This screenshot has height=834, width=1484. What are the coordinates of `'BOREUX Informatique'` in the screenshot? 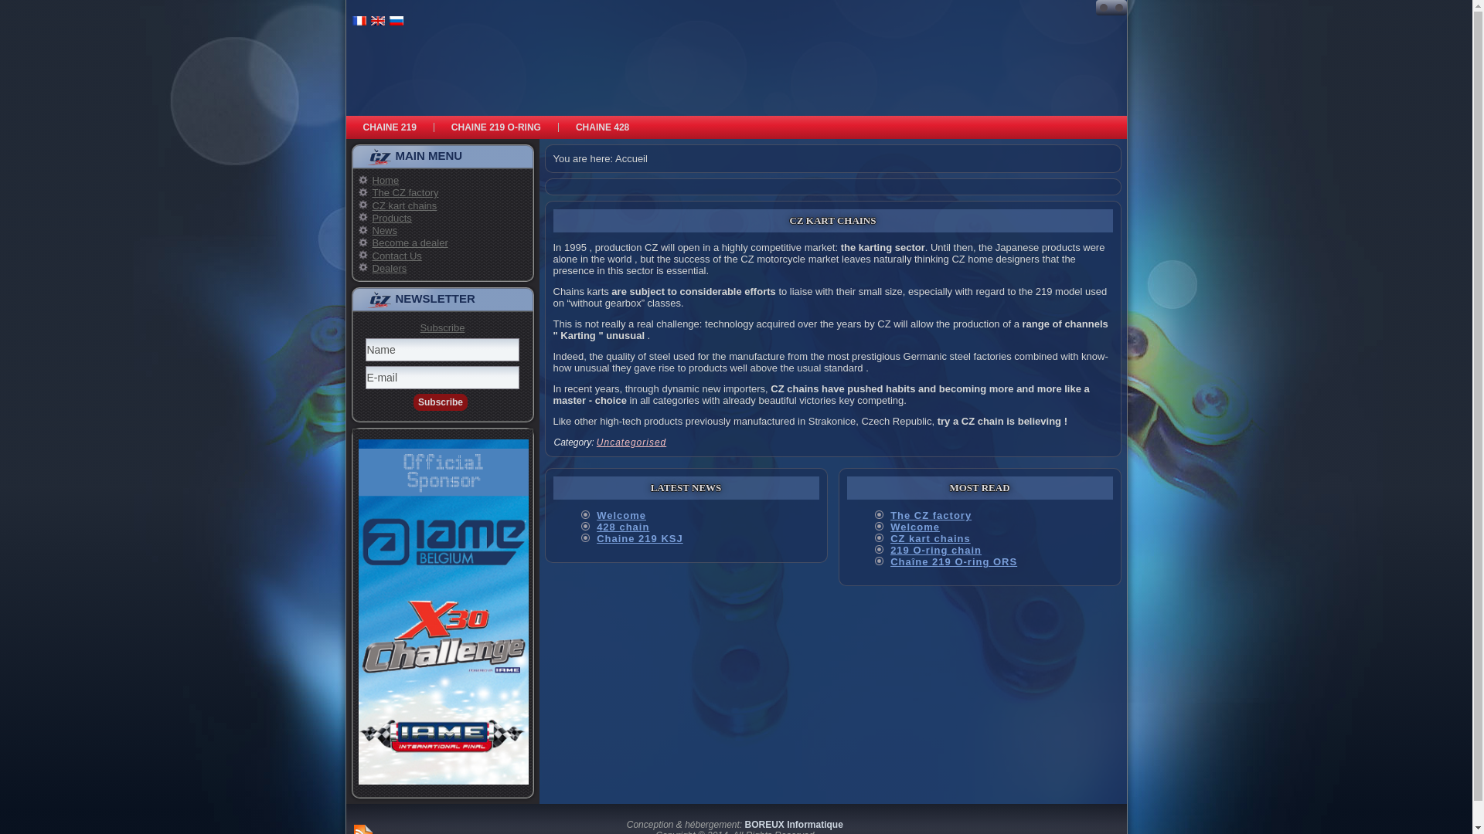 It's located at (794, 824).